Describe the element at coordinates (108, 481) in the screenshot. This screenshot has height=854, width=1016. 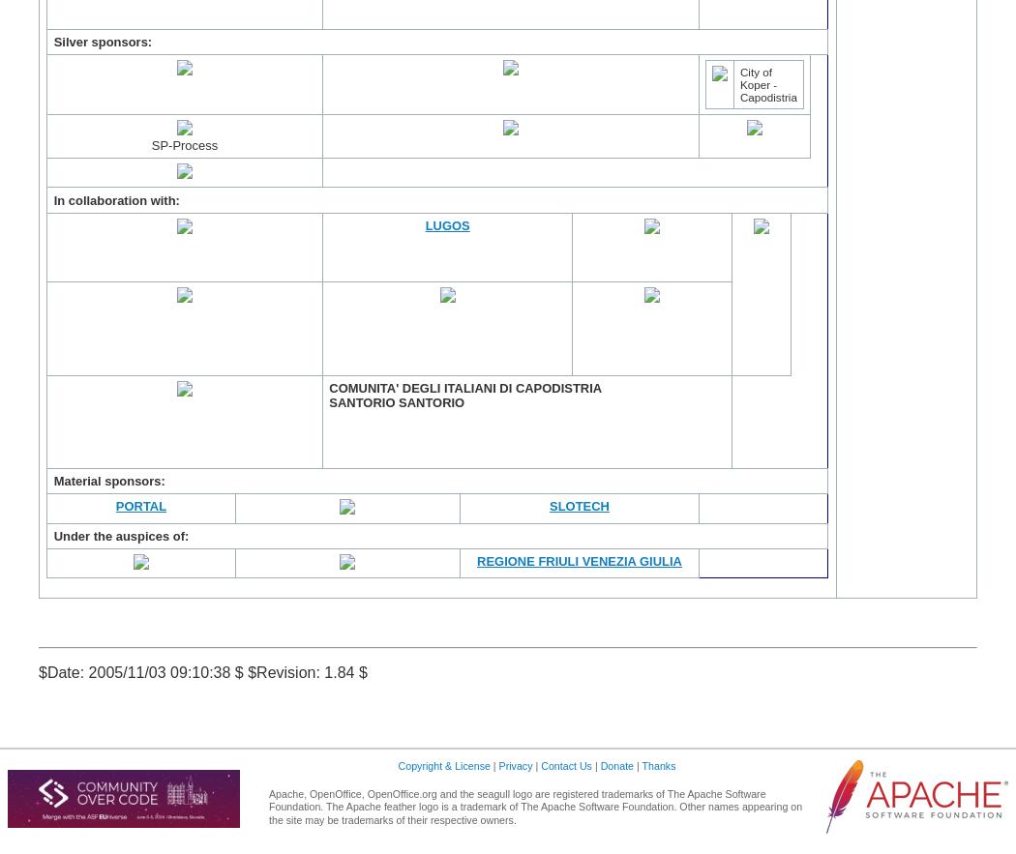
I see `'Material sponsors:'` at that location.